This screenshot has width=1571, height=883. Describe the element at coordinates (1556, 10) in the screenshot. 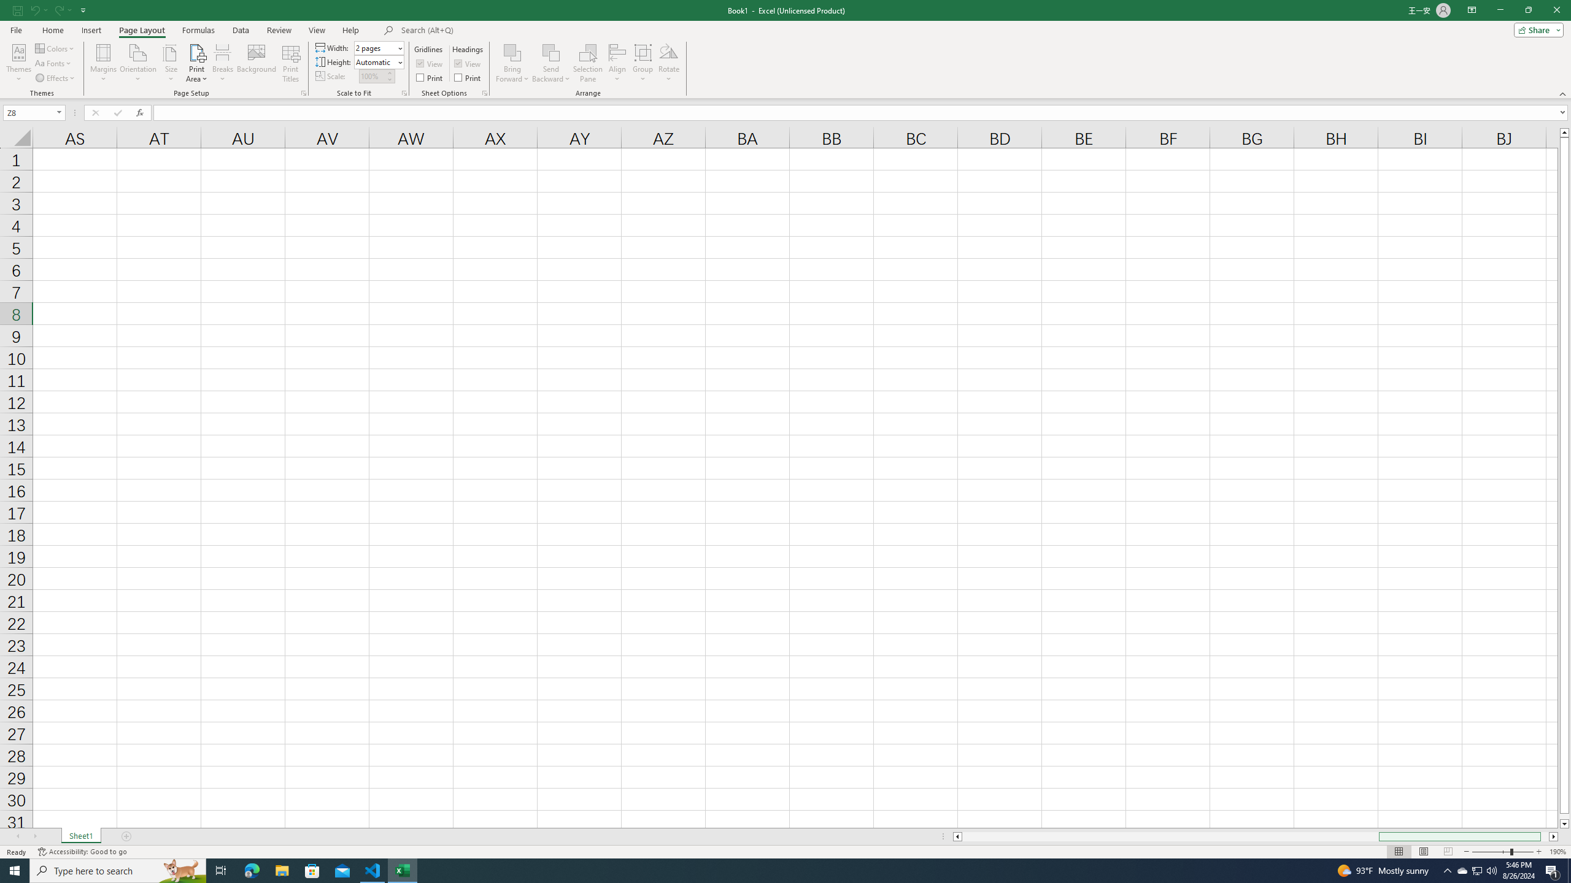

I see `'Close'` at that location.